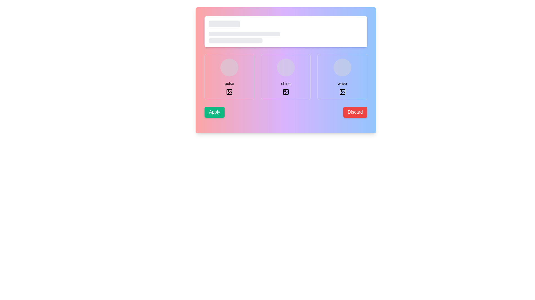 This screenshot has width=535, height=300. I want to click on the middle block labeled 'shine' with a purple gradient background in the grid layout, so click(286, 77).